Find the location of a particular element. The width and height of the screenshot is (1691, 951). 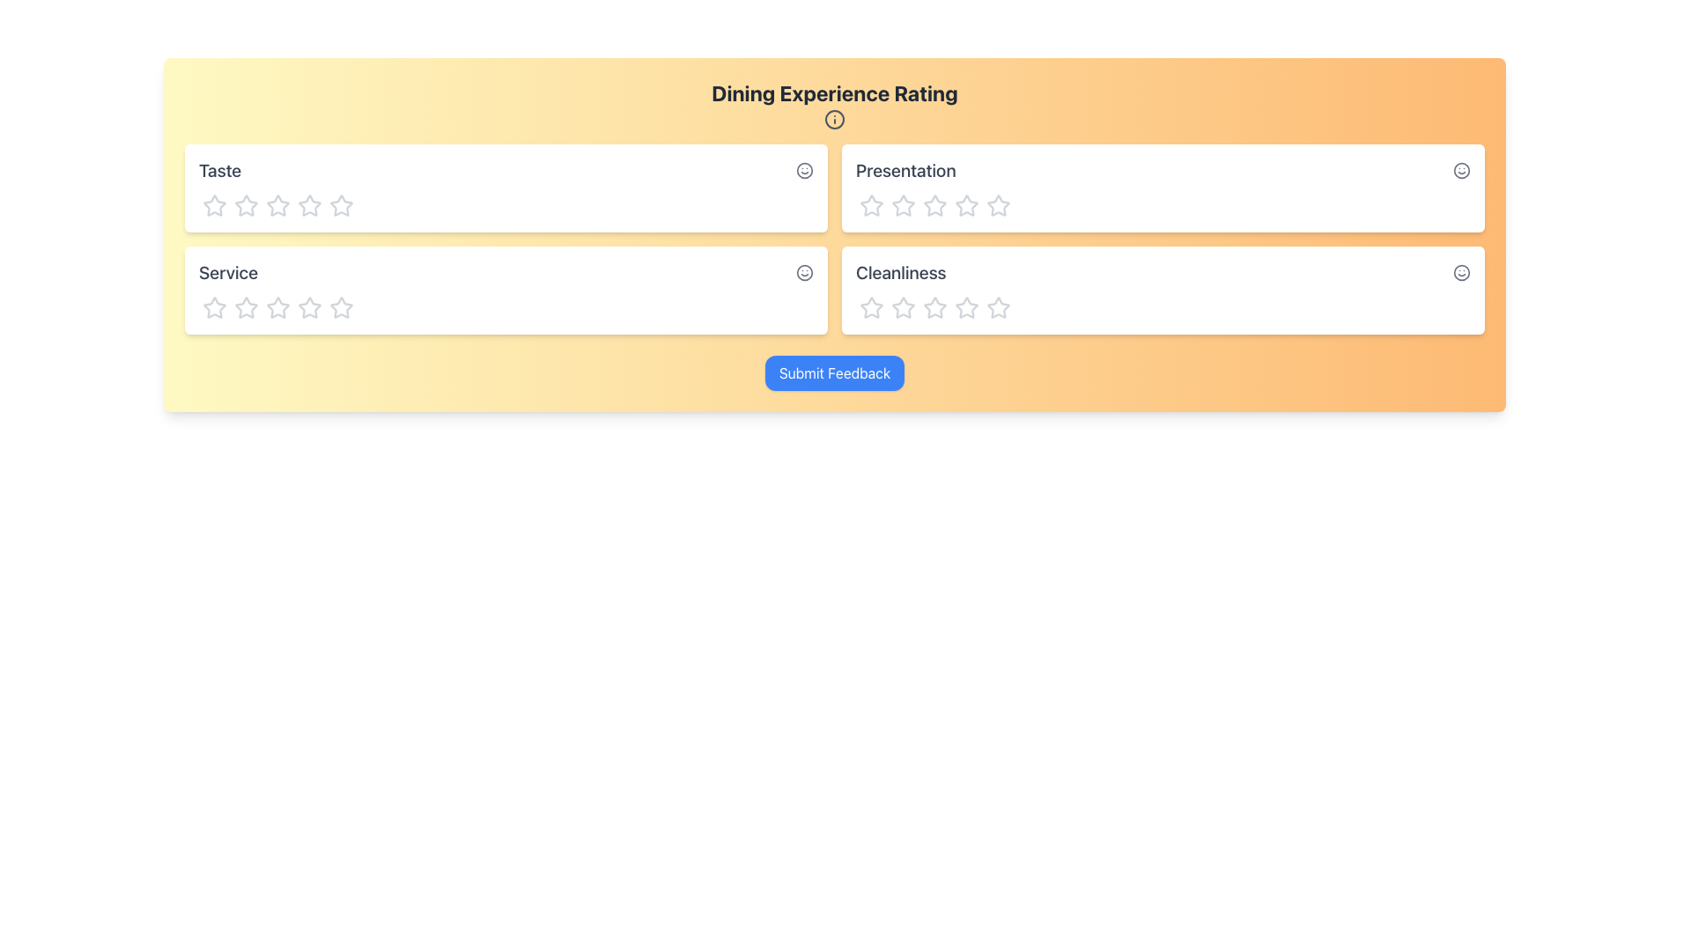

the cleanliness rating input element is located at coordinates (1163, 289).